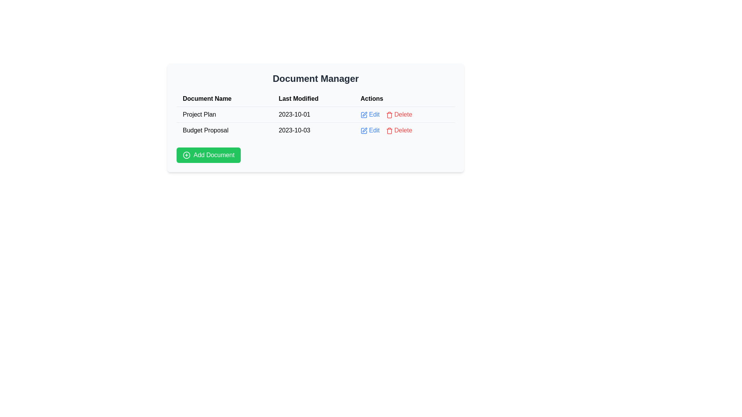 The image size is (742, 417). What do you see at coordinates (389, 115) in the screenshot?
I see `the delete icon located in the 'Actions' column, positioned to the left of the 'Delete' text` at bounding box center [389, 115].